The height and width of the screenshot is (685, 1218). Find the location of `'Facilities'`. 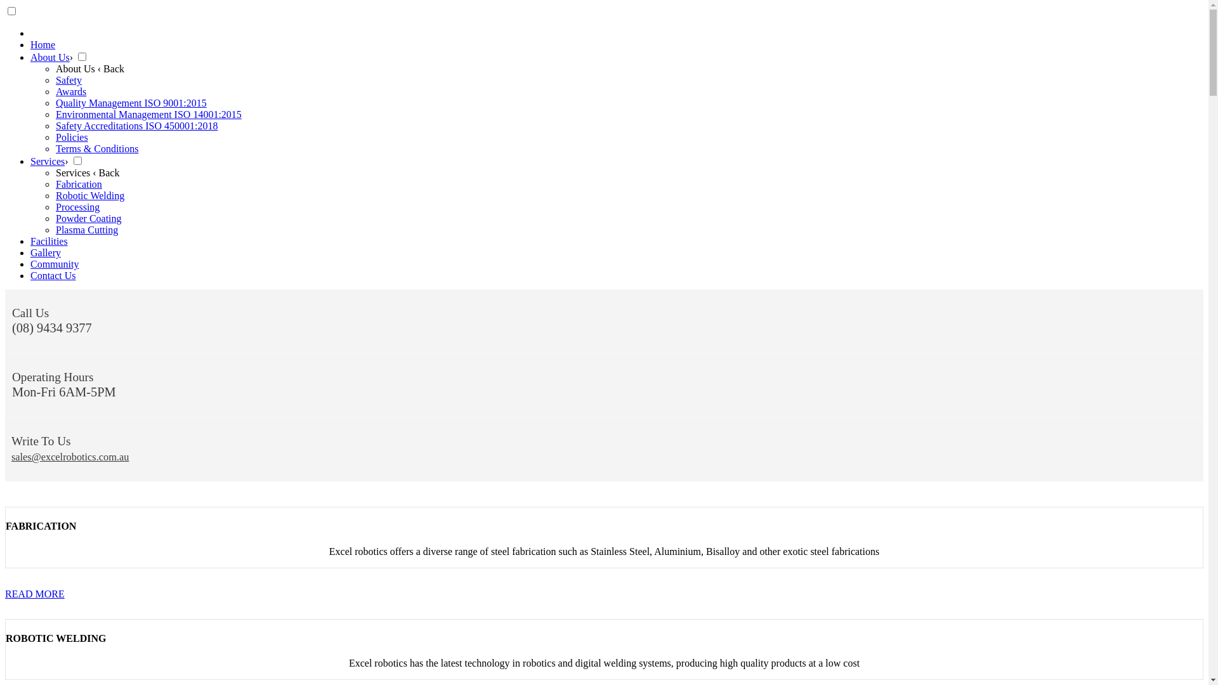

'Facilities' is located at coordinates (49, 241).